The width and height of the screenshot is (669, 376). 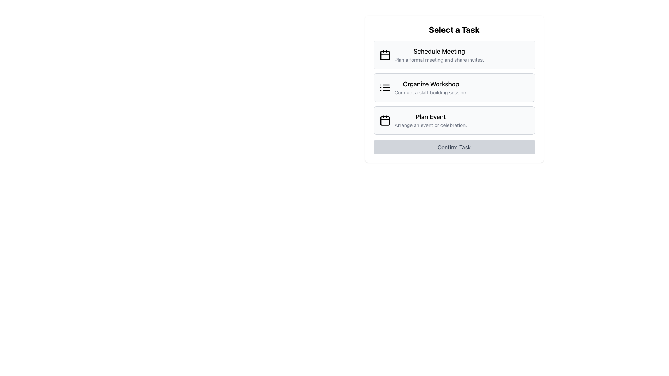 I want to click on the vertically aligned selection list containing the tasks 'Schedule Meeting', 'Organize Workshop', and 'Plan Event', so click(x=454, y=87).